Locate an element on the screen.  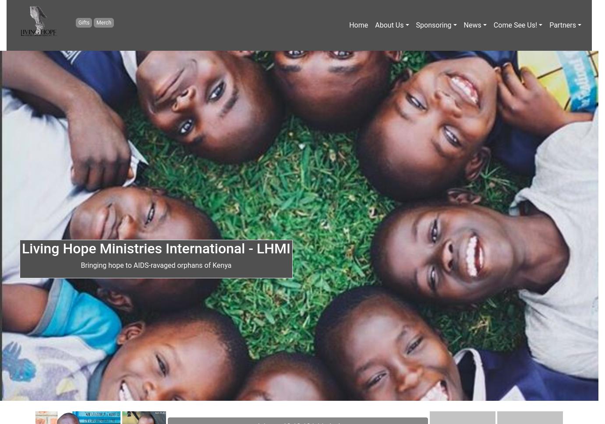
'Partners' is located at coordinates (562, 25).